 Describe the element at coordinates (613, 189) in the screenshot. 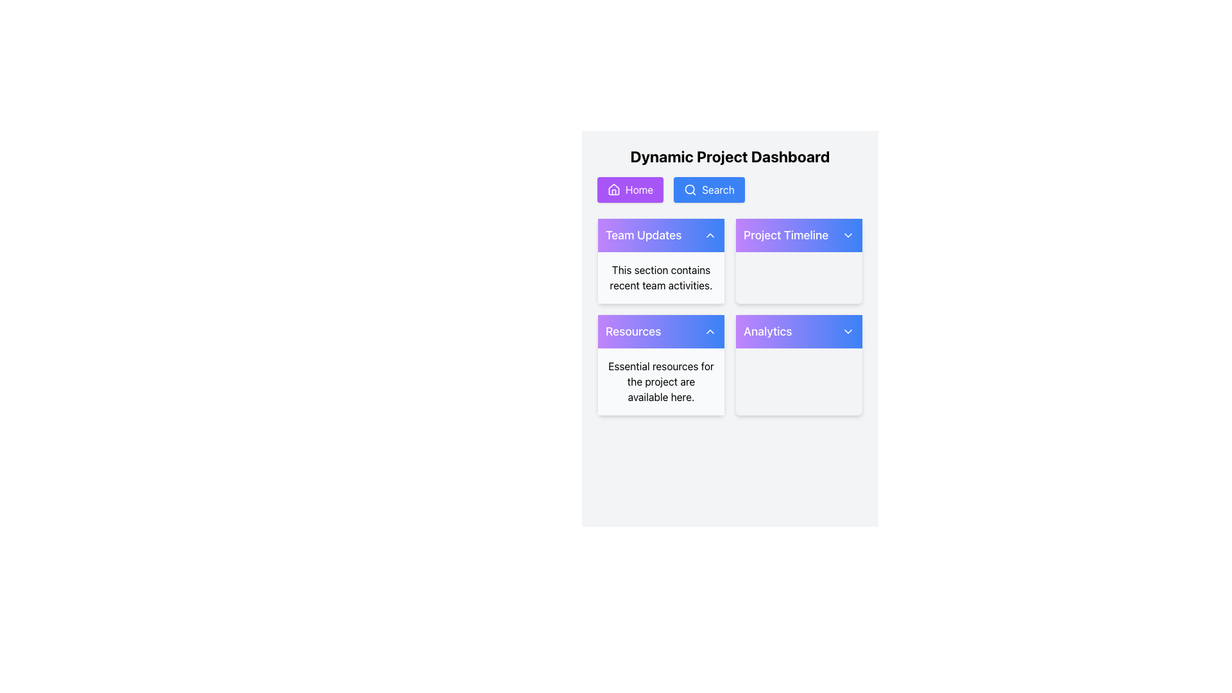

I see `the house icon, which is styled with a simple outline and located to the left of the 'Home' text in the upper purple button` at that location.